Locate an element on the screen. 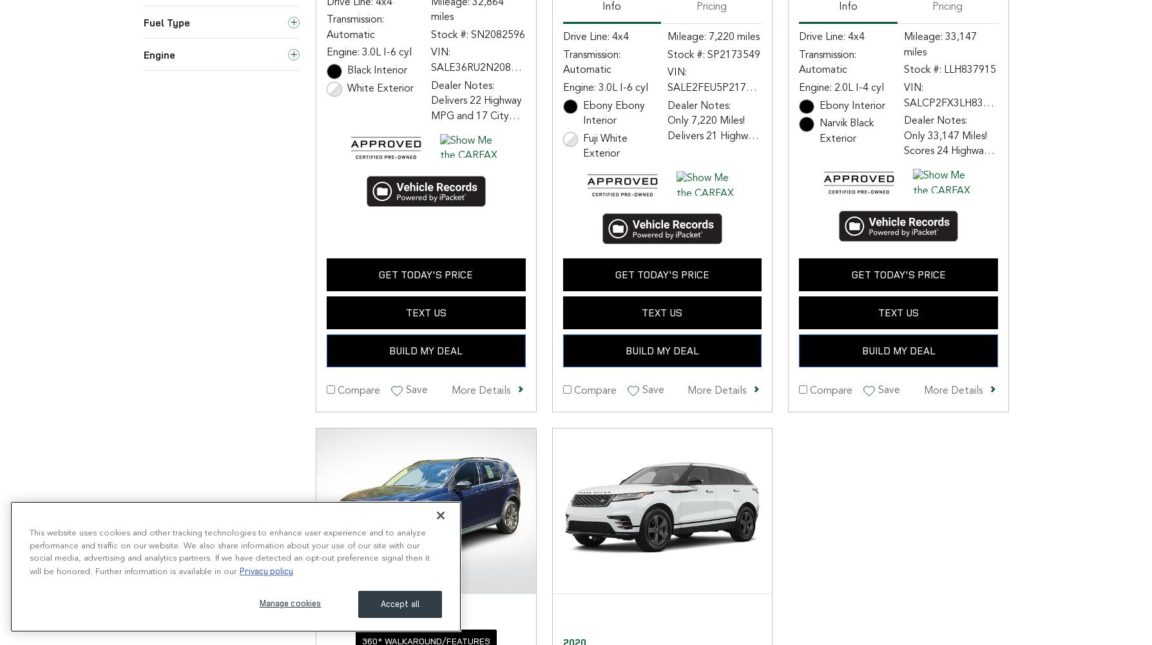 The image size is (1152, 645). 'Mileage: 33,147 miles' is located at coordinates (939, 44).